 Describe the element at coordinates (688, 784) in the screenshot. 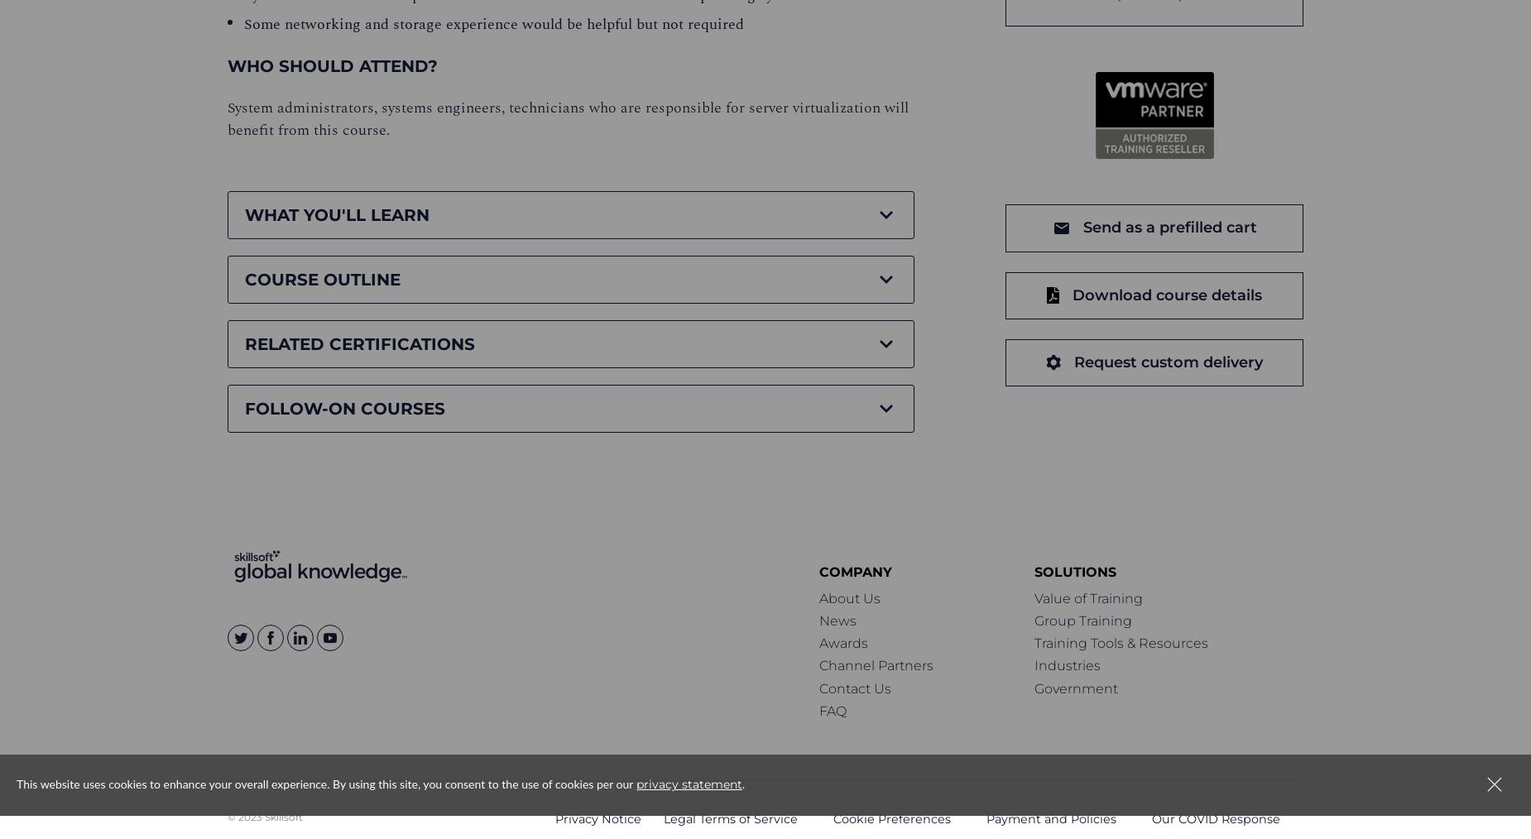

I see `'privacy statement'` at that location.